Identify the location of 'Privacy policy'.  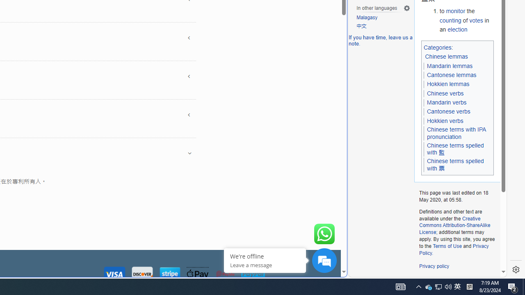
(434, 266).